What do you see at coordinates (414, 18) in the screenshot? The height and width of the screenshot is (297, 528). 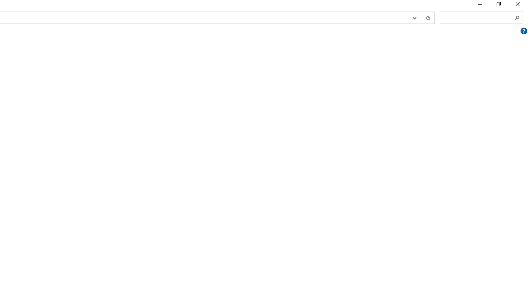 I see `'Previous Locations'` at bounding box center [414, 18].